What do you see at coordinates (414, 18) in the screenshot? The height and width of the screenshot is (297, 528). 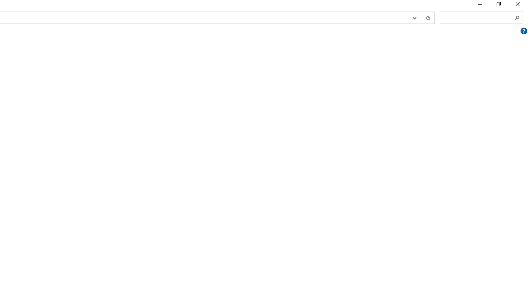 I see `'Previous Locations'` at bounding box center [414, 18].